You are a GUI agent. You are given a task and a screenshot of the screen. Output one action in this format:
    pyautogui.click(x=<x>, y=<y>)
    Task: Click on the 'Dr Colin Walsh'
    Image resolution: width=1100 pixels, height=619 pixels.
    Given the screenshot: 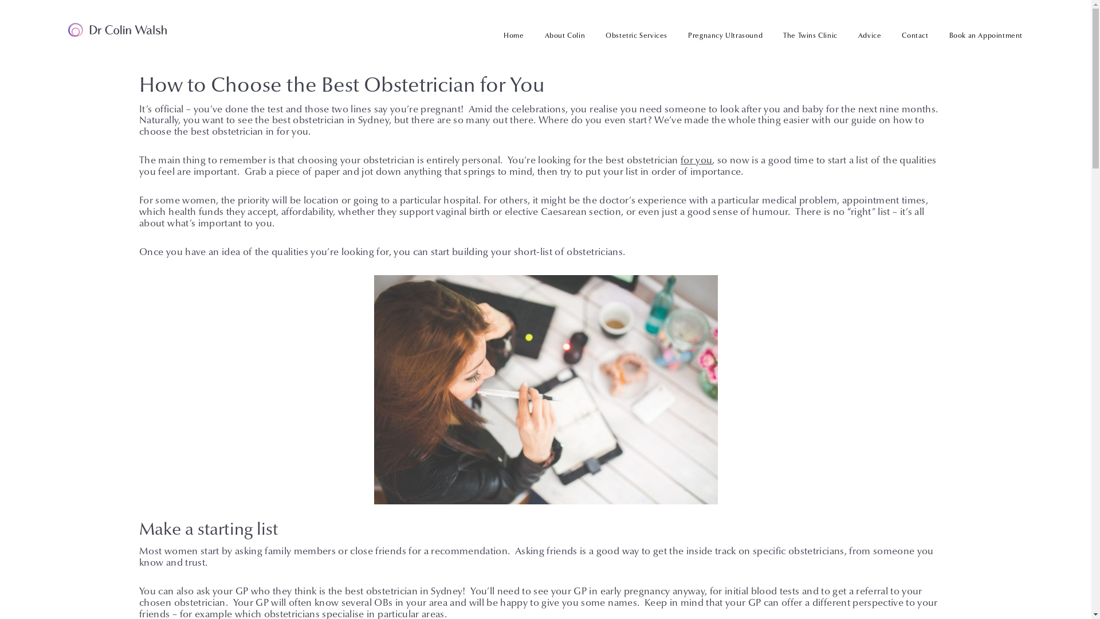 What is the action you would take?
    pyautogui.click(x=68, y=29)
    